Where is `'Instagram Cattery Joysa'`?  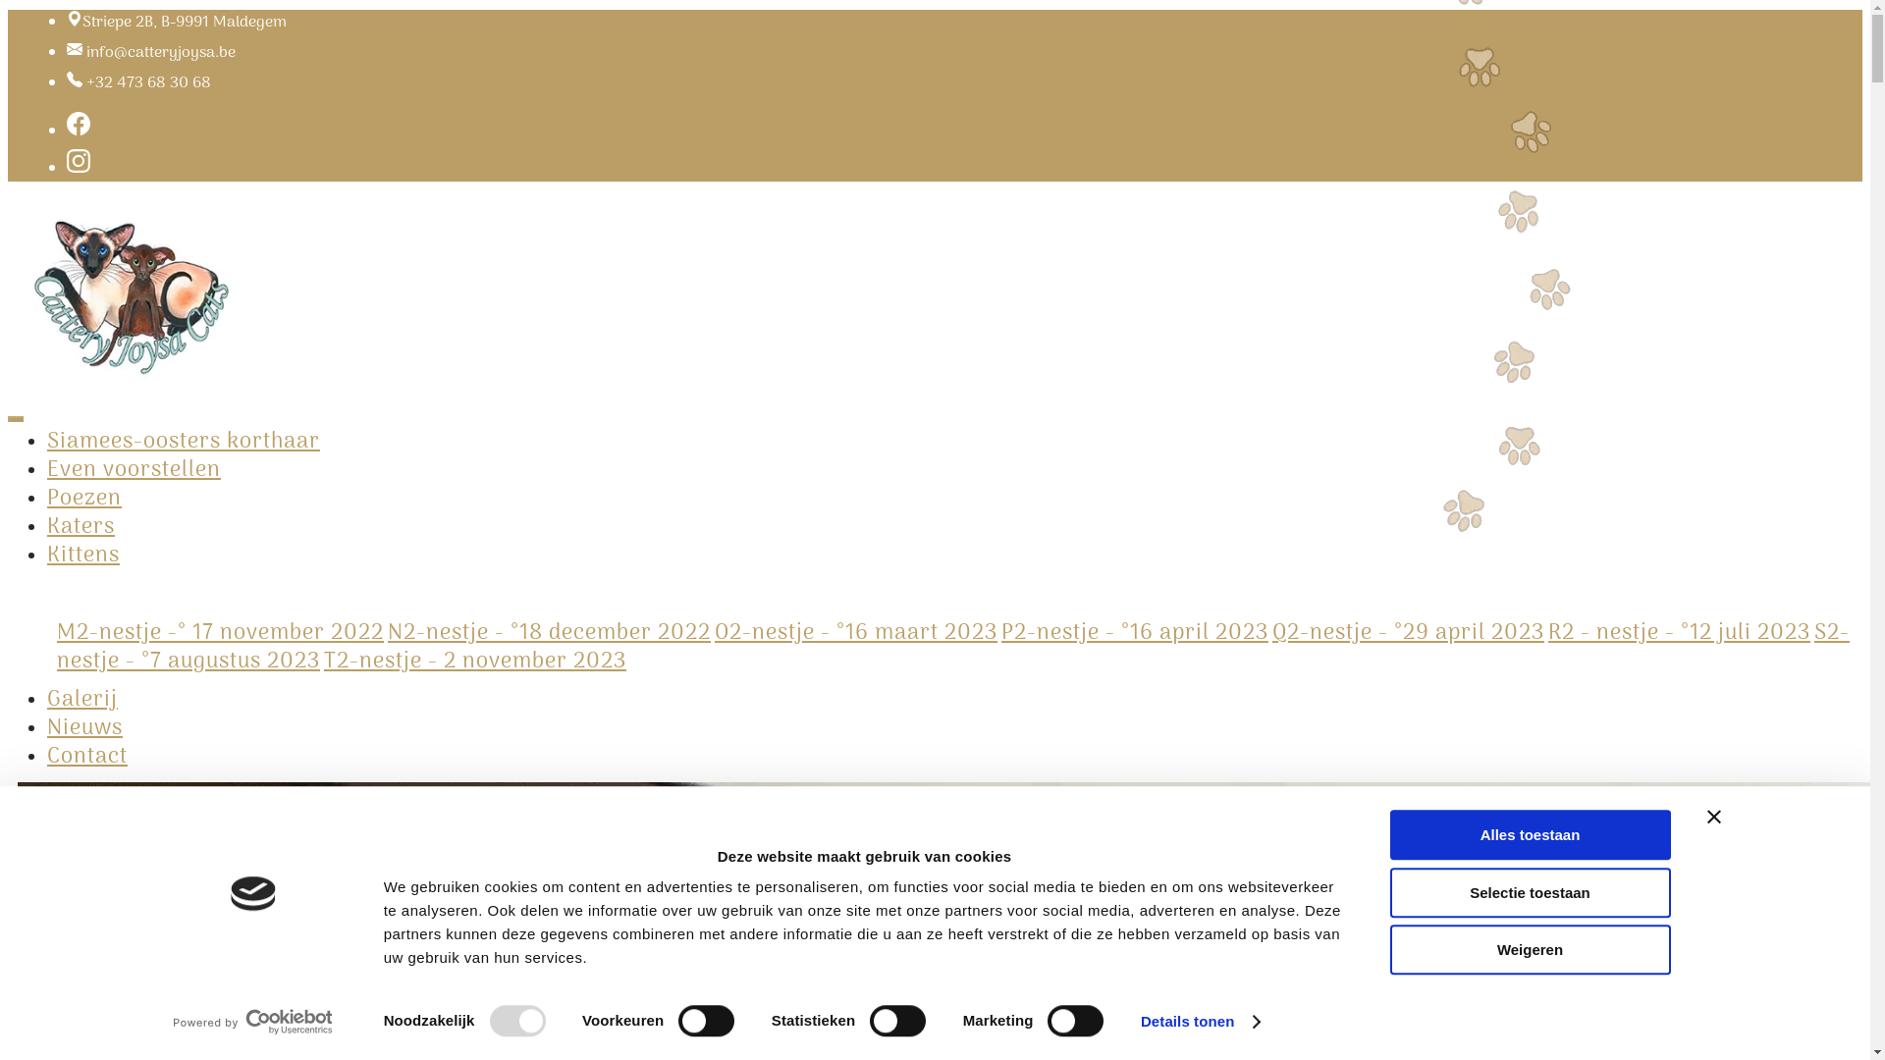 'Instagram Cattery Joysa' is located at coordinates (79, 168).